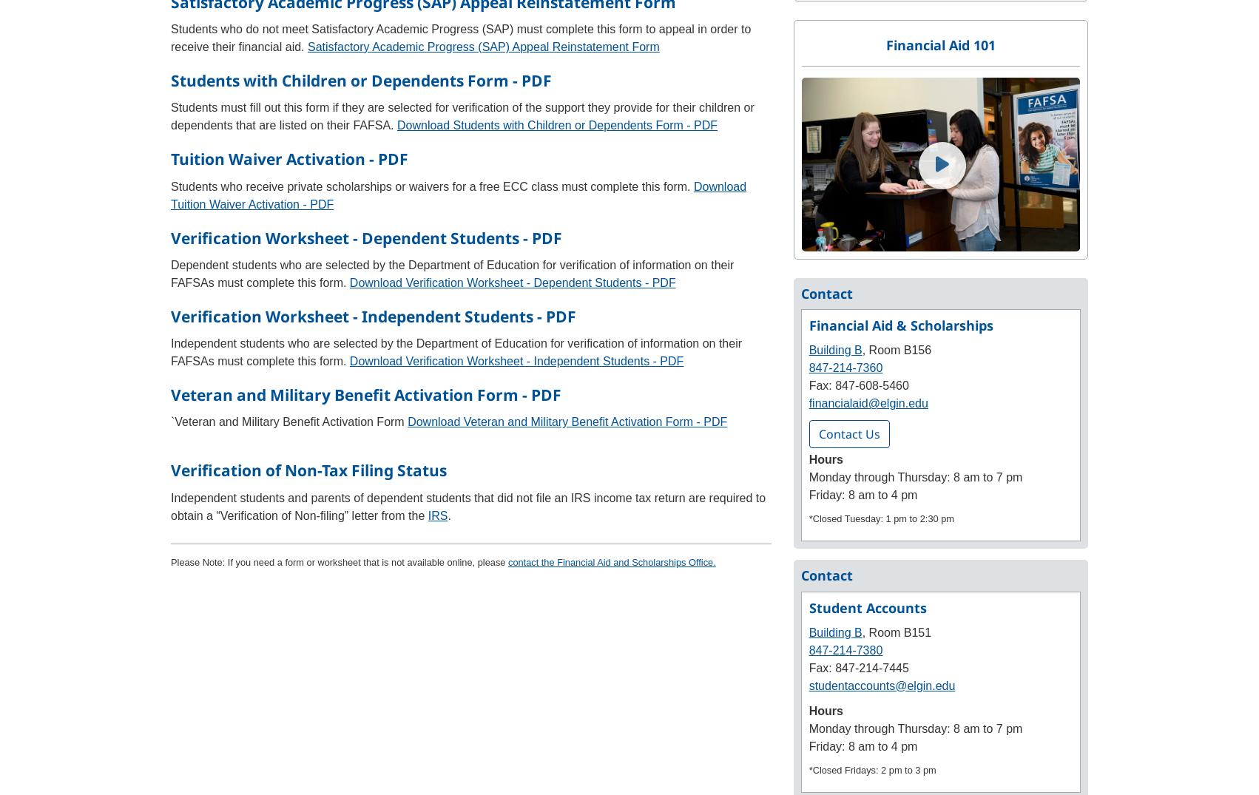  Describe the element at coordinates (169, 352) in the screenshot. I see `'Independent students who are selected by the Department of Education for verification of information on their FAFSAs must complete this form.'` at that location.